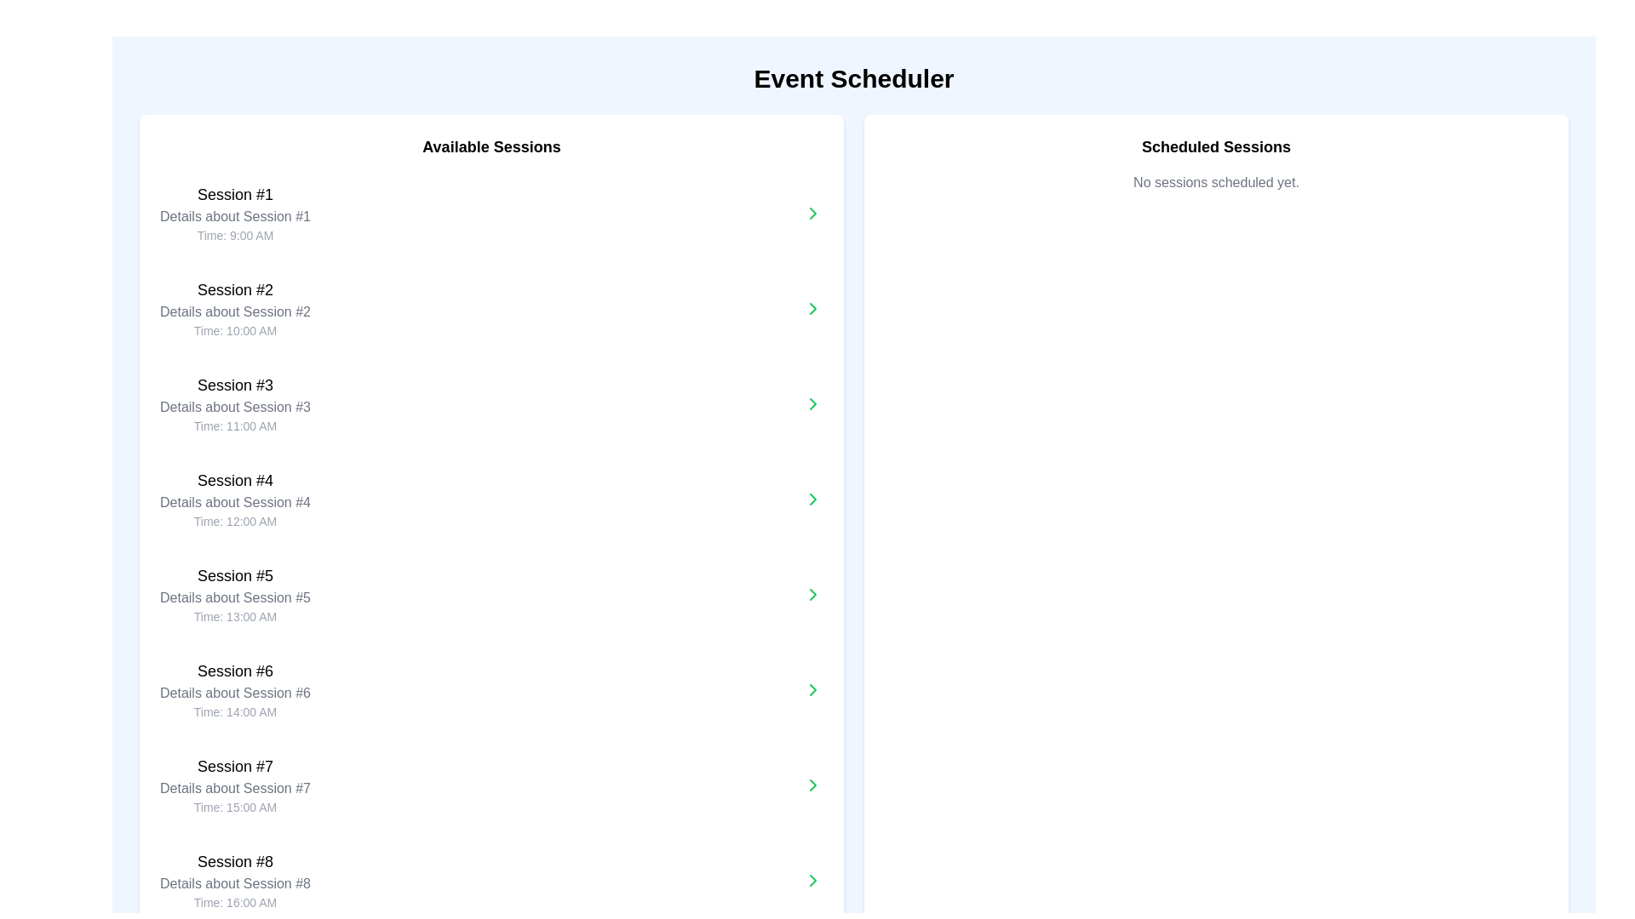 This screenshot has width=1635, height=919. What do you see at coordinates (234, 596) in the screenshot?
I see `the text description element that provides supplementary information about 'Session #5', located below the title and above the timestamp in the 'Available Sessions' section` at bounding box center [234, 596].